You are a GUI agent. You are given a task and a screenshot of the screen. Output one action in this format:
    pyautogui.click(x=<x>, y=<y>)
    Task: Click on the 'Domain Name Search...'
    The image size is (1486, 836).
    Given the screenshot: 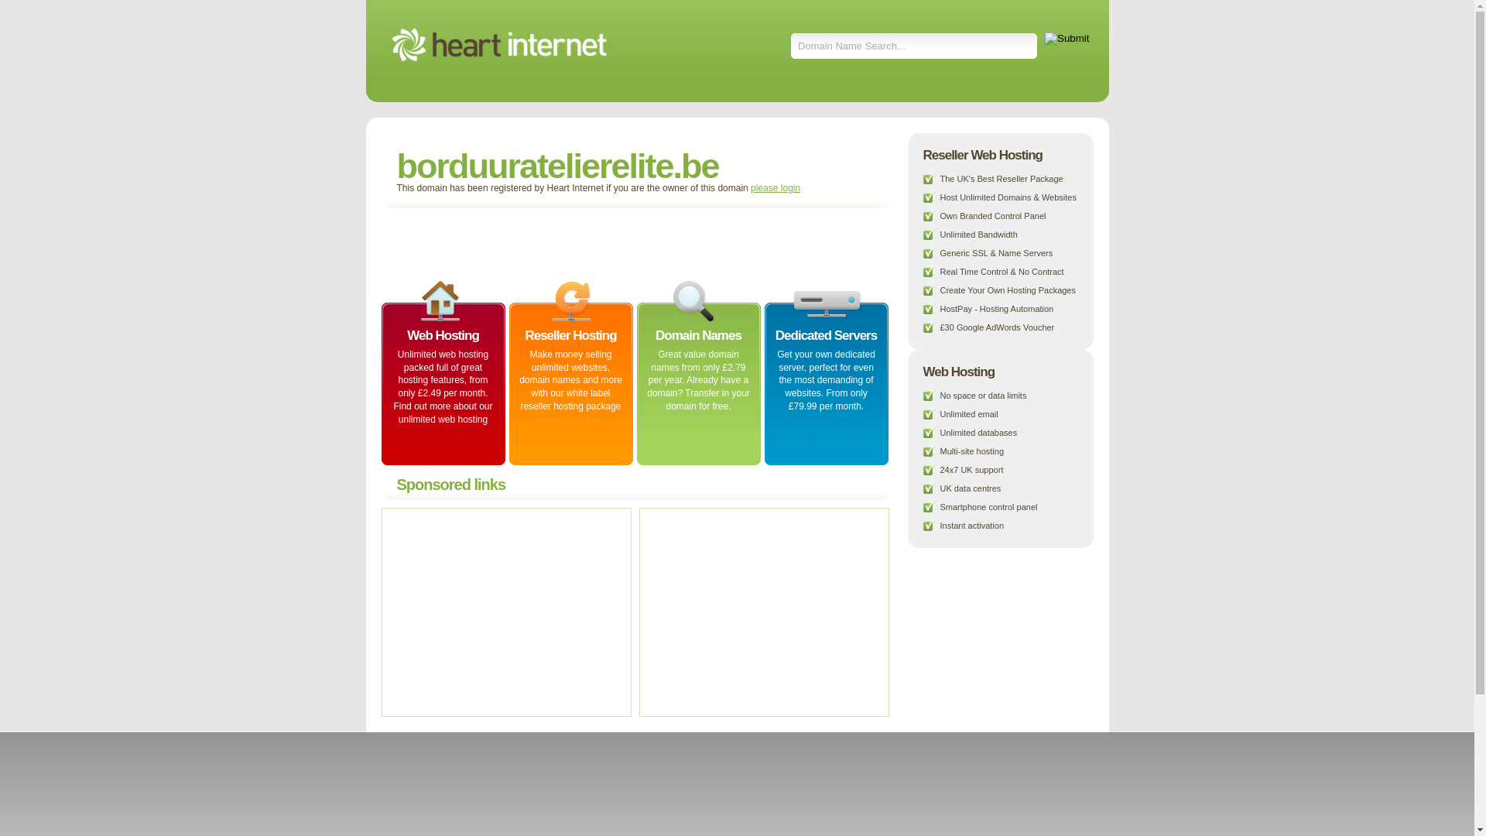 What is the action you would take?
    pyautogui.click(x=913, y=45)
    